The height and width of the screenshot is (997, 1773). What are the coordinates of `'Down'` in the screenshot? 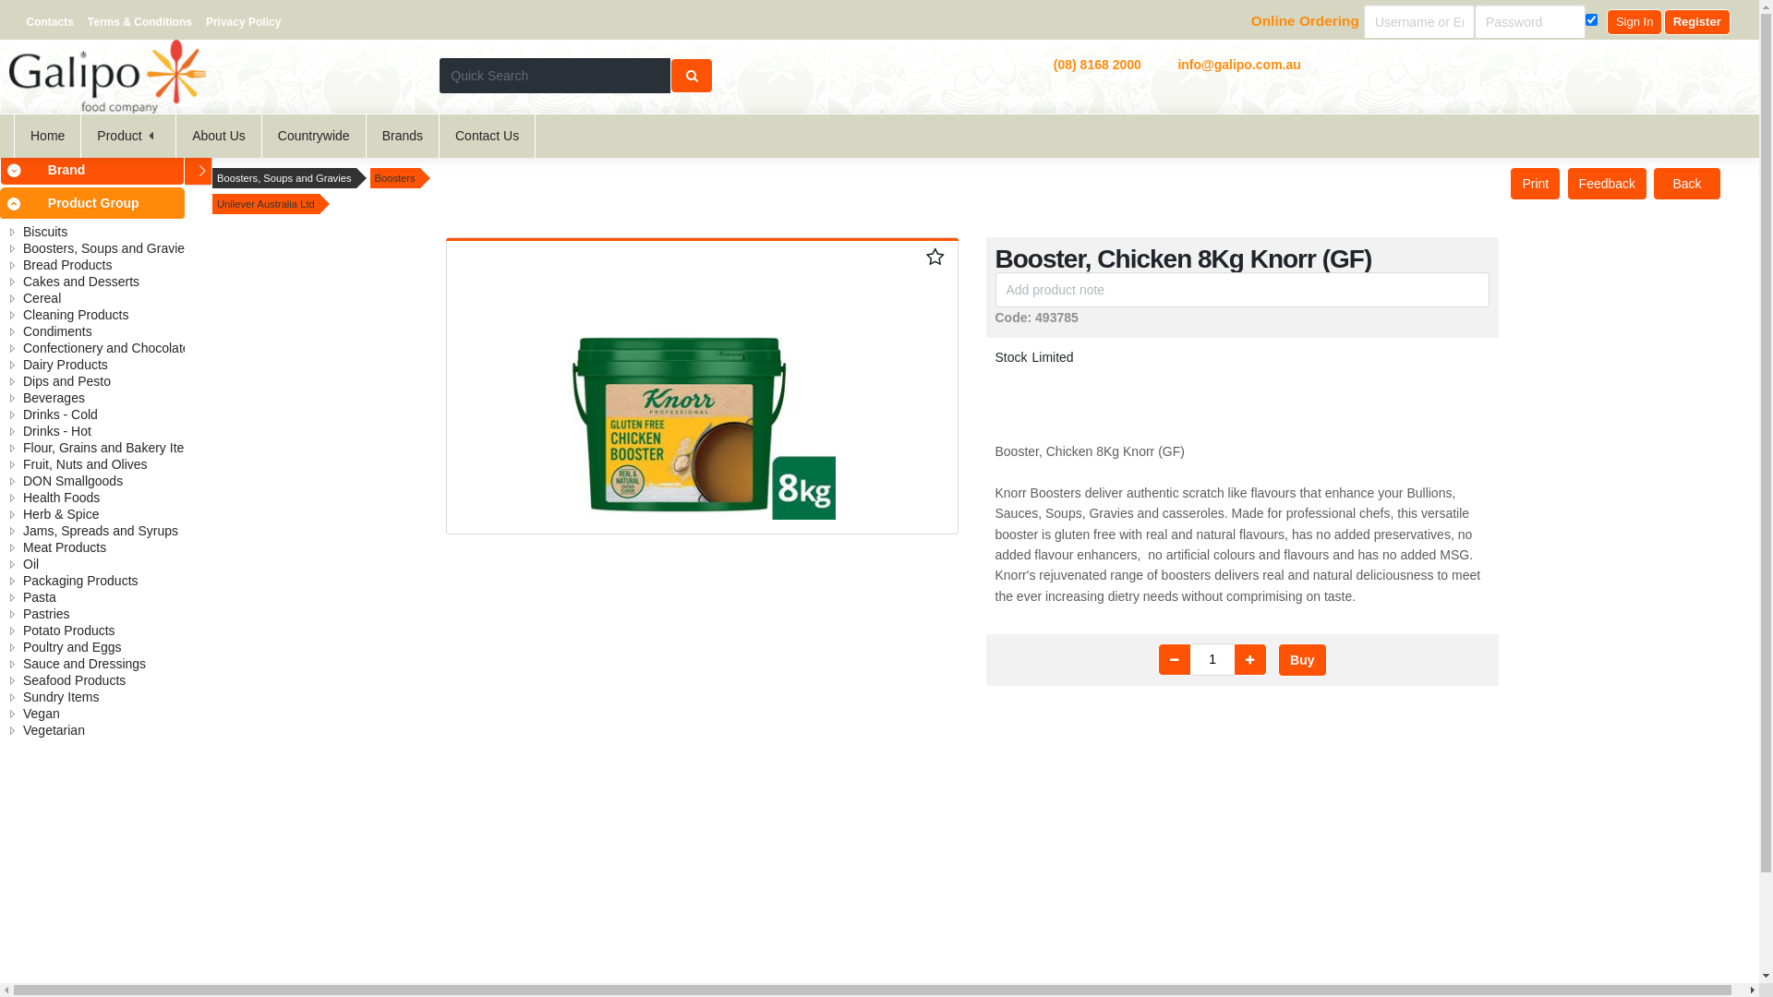 It's located at (1174, 658).